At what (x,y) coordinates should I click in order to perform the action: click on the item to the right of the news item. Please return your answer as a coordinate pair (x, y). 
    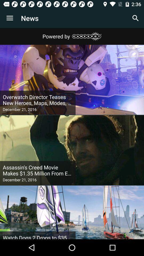
    Looking at the image, I should click on (135, 18).